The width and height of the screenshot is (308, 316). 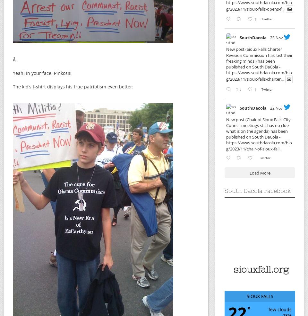 I want to click on '23 Nov', so click(x=276, y=37).